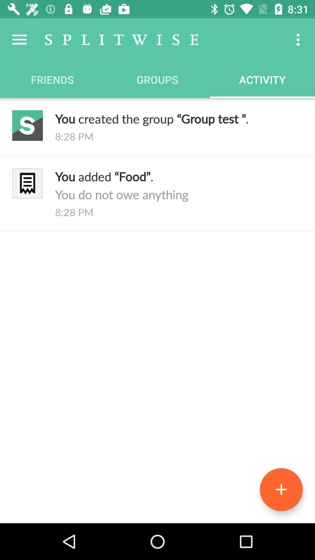 This screenshot has height=560, width=315. What do you see at coordinates (281, 489) in the screenshot?
I see `the item at the bottom right corner` at bounding box center [281, 489].